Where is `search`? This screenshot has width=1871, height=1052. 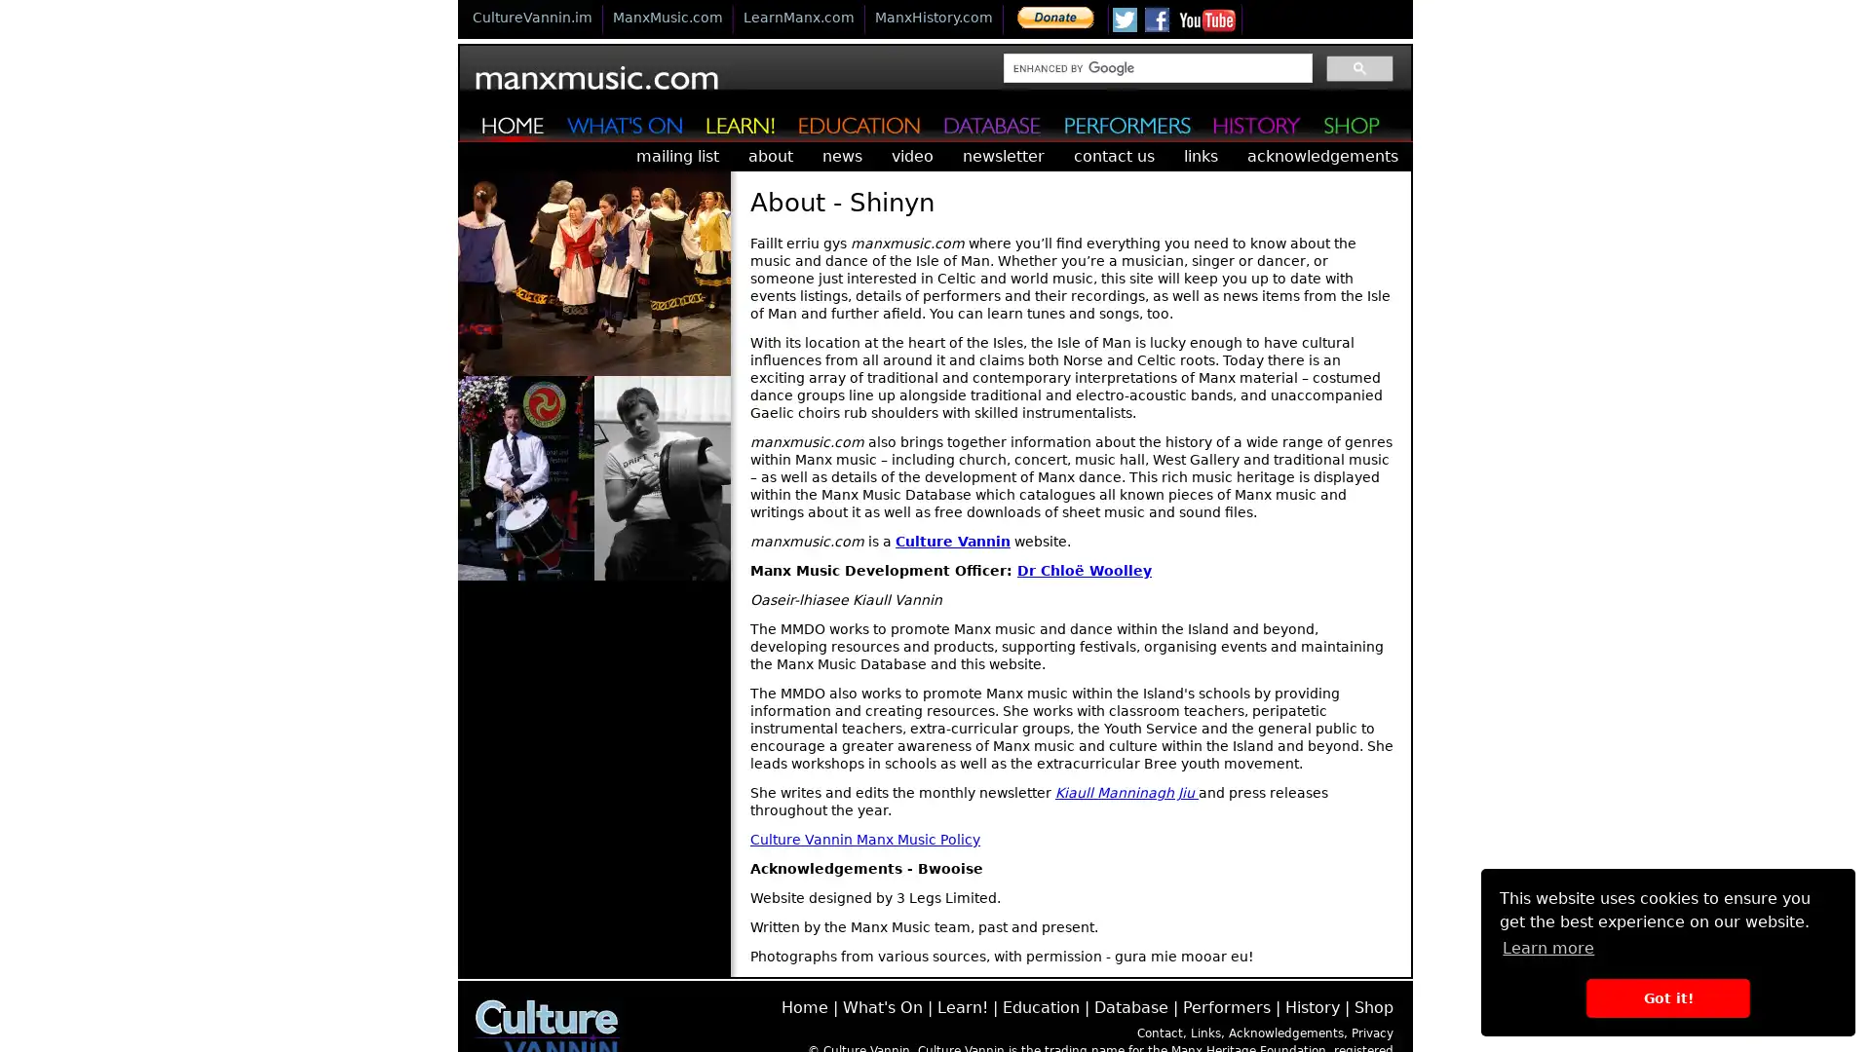 search is located at coordinates (1358, 66).